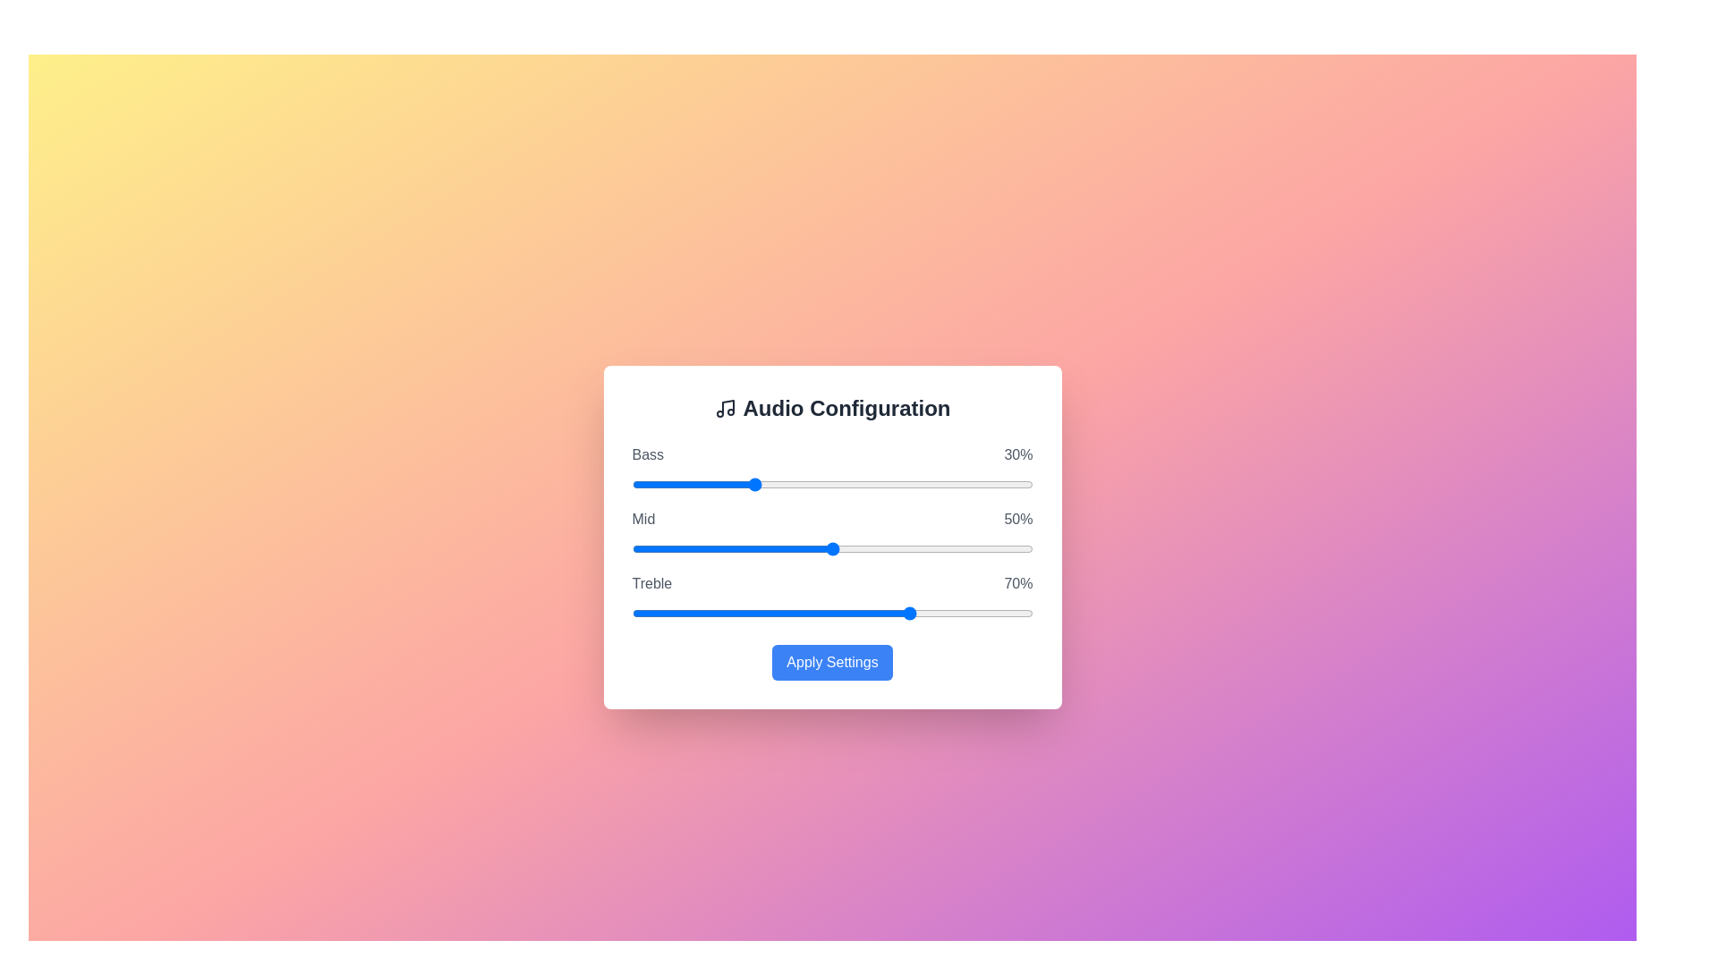 This screenshot has width=1718, height=966. What do you see at coordinates (831, 662) in the screenshot?
I see `'Apply Settings' button to apply the audio configuration settings` at bounding box center [831, 662].